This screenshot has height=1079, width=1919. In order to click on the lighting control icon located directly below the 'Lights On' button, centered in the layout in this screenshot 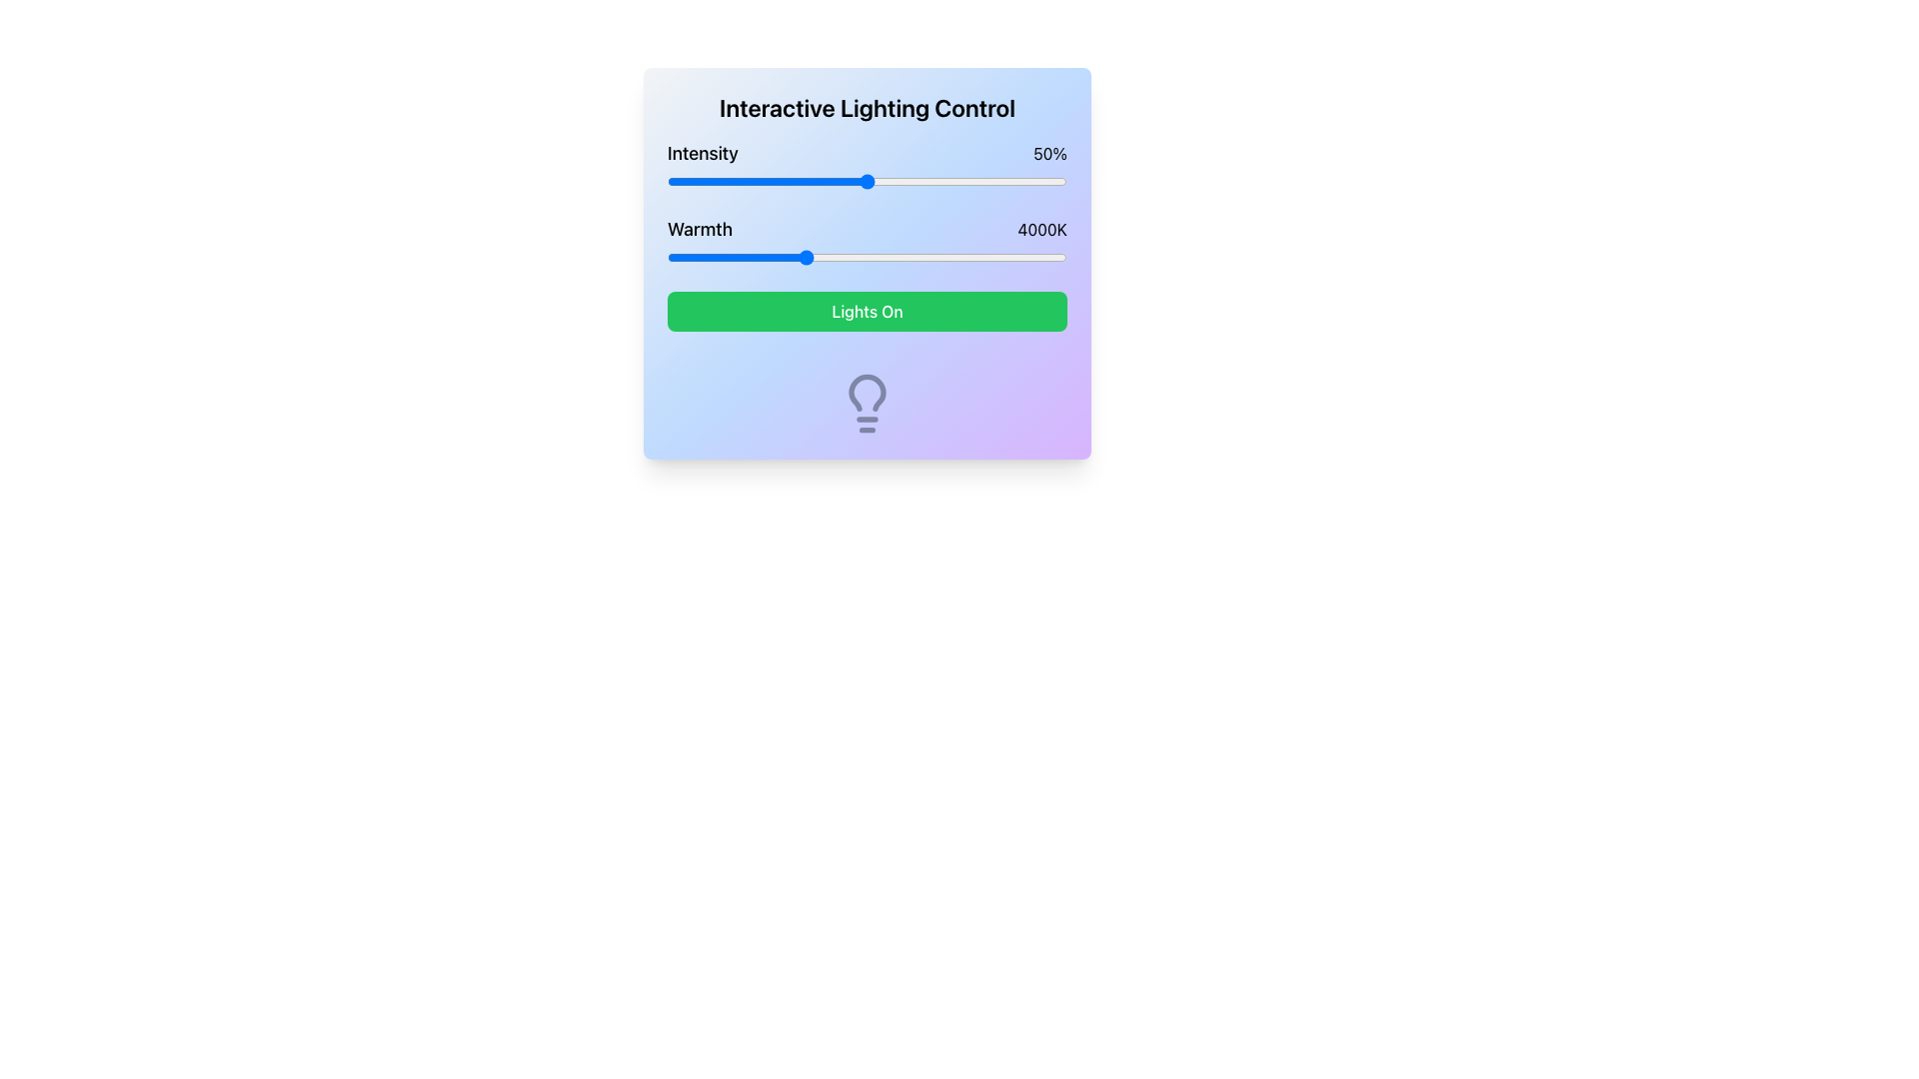, I will do `click(868, 404)`.